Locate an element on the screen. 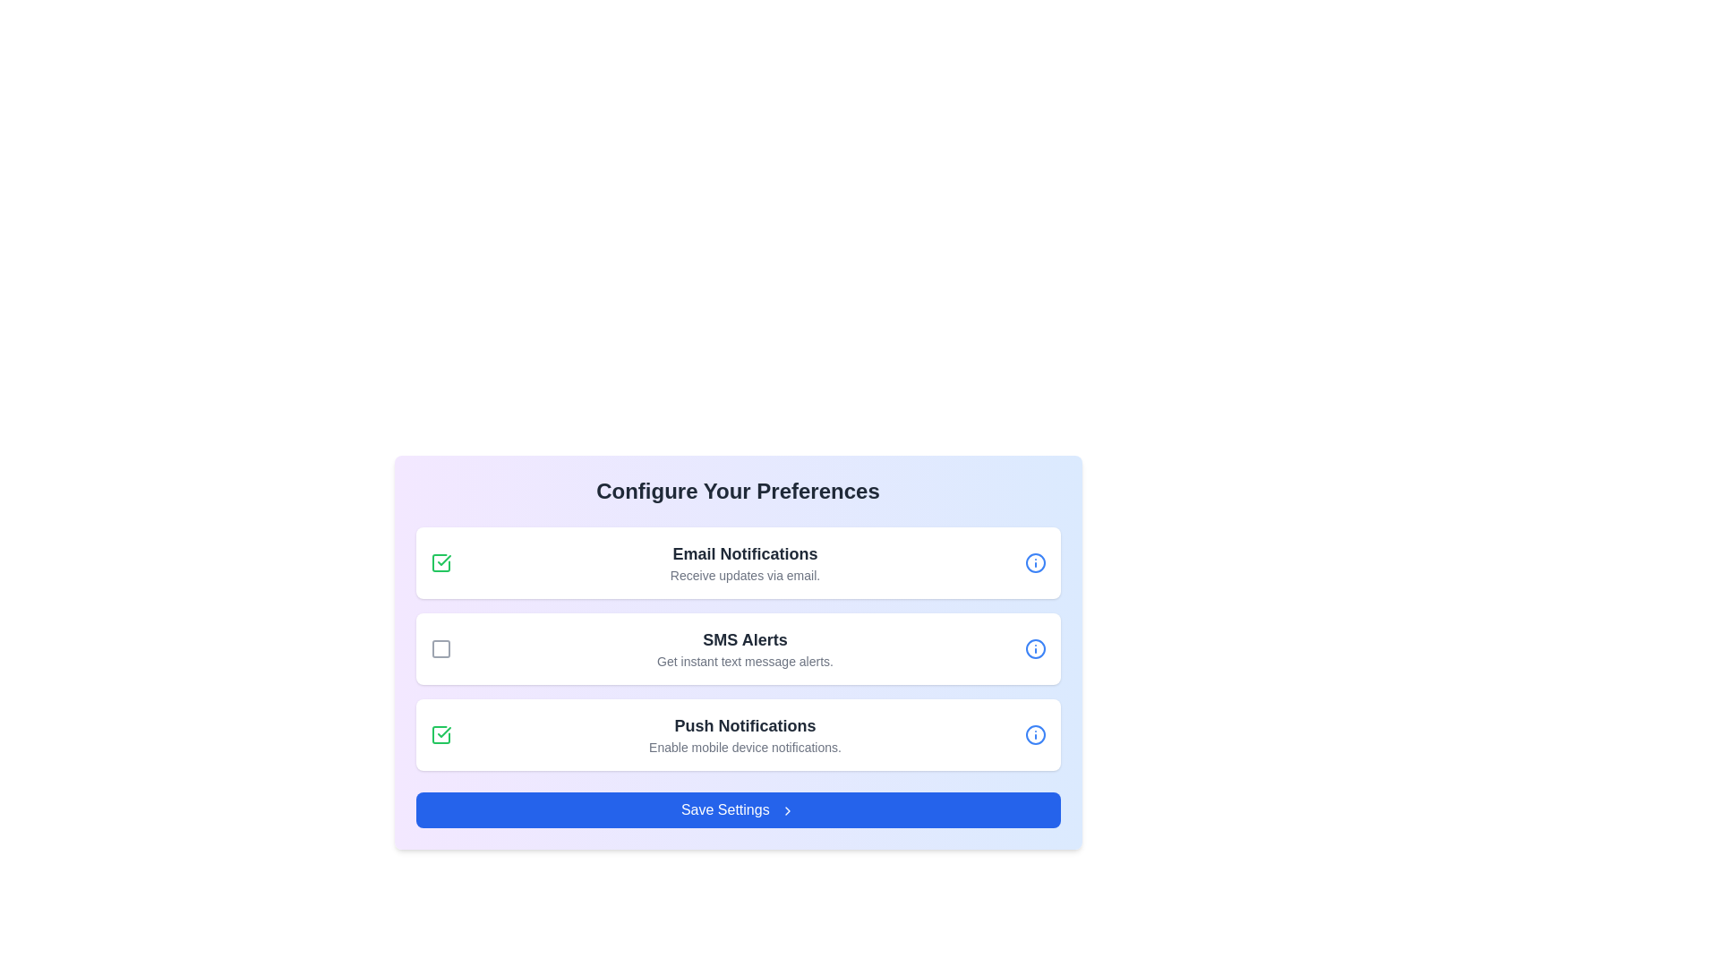  the checkbox for 'Push Notifications' is located at coordinates (440, 735).